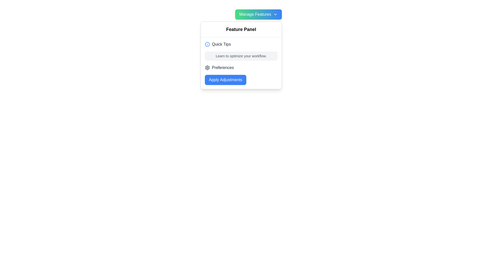 The width and height of the screenshot is (488, 274). Describe the element at coordinates (207, 67) in the screenshot. I see `the settings icon in the upper section of the 'Preferences' row, which visually represents configuration options` at that location.